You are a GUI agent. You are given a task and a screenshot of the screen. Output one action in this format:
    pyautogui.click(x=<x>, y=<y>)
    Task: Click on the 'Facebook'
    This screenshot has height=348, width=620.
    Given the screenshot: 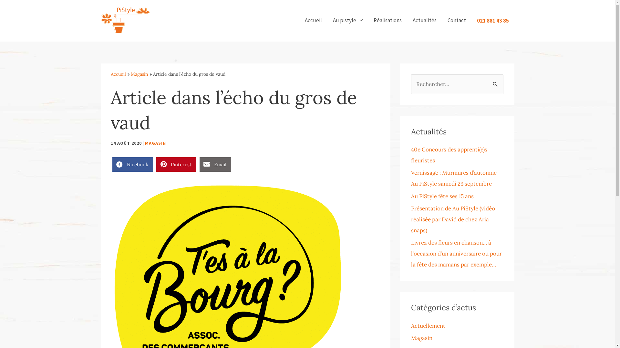 What is the action you would take?
    pyautogui.click(x=112, y=164)
    